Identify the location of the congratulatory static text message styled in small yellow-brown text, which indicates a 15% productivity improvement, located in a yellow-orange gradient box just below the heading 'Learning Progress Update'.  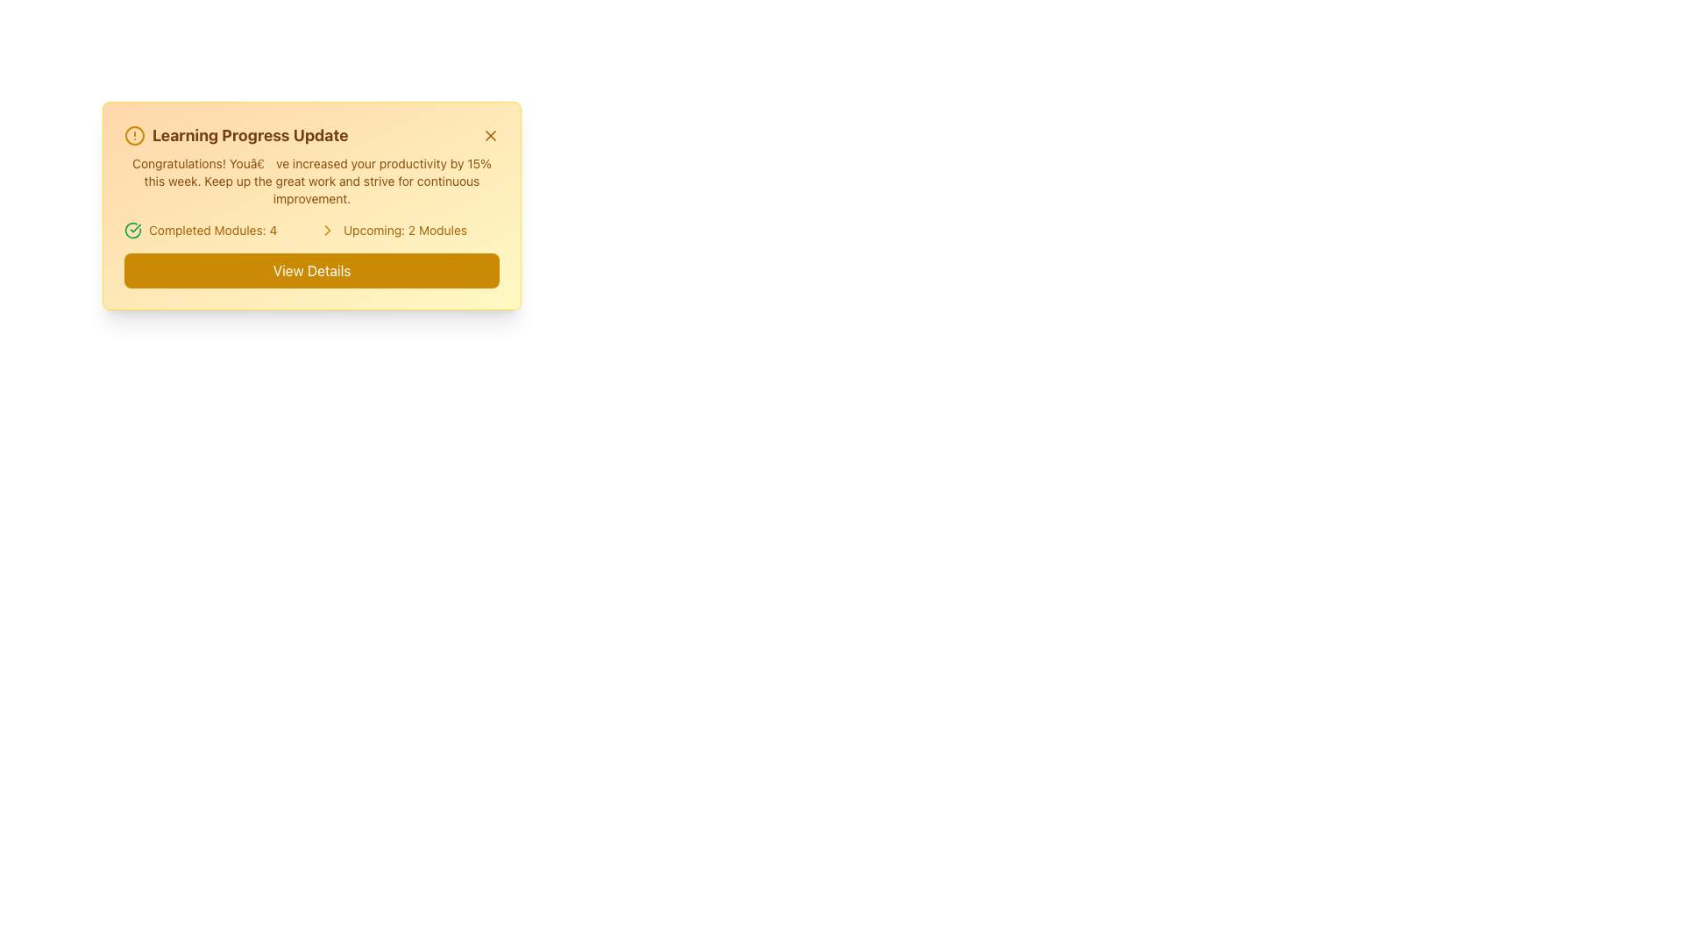
(311, 182).